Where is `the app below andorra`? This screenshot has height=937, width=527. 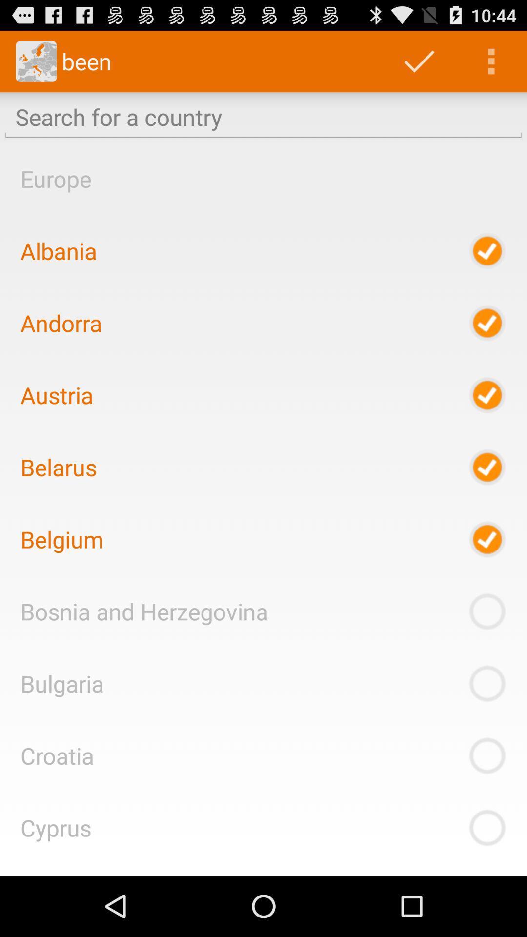 the app below andorra is located at coordinates (57, 395).